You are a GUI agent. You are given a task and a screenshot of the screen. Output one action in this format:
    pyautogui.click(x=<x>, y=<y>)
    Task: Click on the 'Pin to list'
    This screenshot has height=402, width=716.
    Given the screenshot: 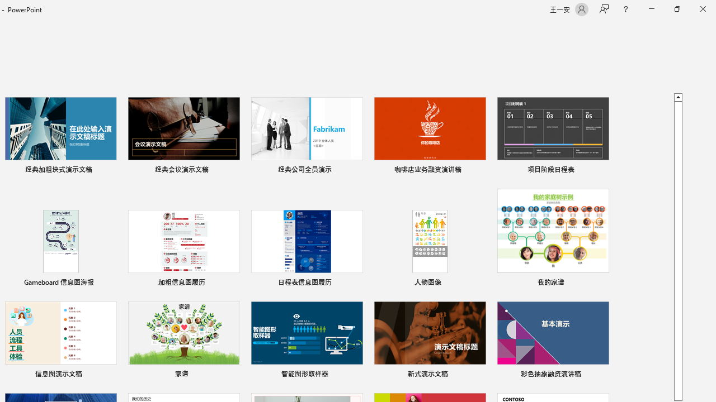 What is the action you would take?
    pyautogui.click(x=601, y=375)
    